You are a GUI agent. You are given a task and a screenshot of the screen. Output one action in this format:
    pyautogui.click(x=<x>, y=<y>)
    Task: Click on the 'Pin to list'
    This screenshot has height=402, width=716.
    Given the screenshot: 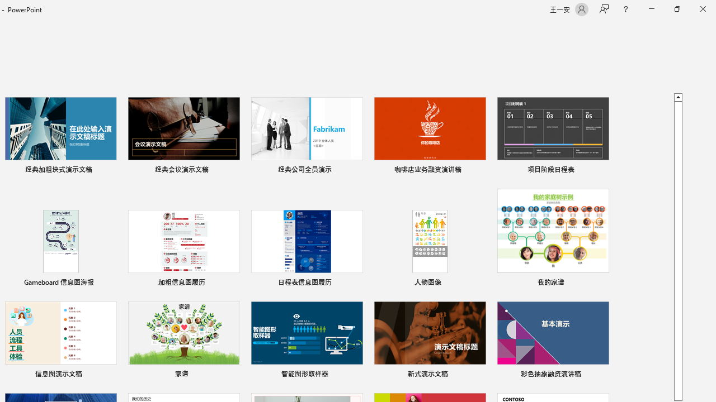 What is the action you would take?
    pyautogui.click(x=601, y=375)
    